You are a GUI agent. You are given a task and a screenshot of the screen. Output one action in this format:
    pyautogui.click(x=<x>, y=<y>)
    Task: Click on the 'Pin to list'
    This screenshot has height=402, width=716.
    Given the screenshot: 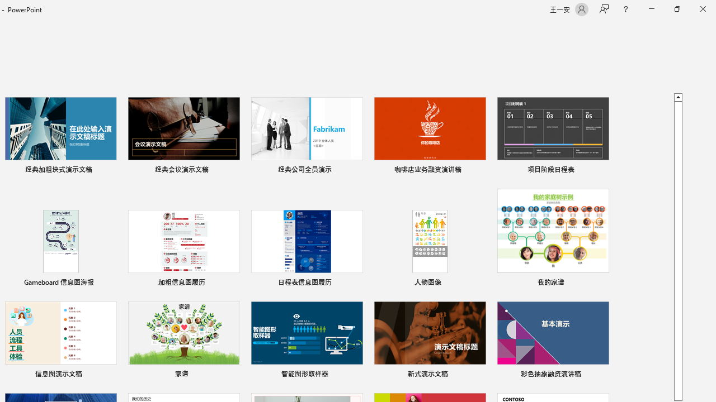 What is the action you would take?
    pyautogui.click(x=601, y=375)
    